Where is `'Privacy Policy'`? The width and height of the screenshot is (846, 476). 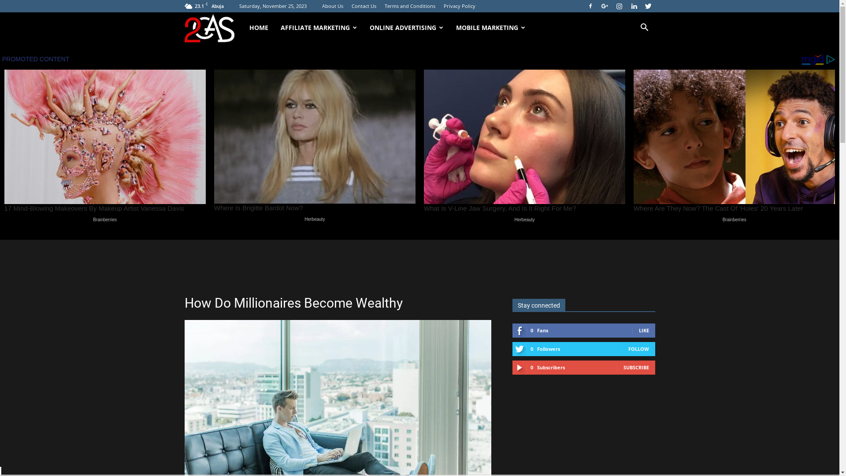
'Privacy Policy' is located at coordinates (458, 6).